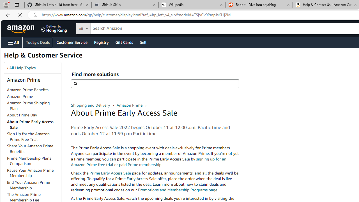  I want to click on 'Amazon', so click(21, 28).